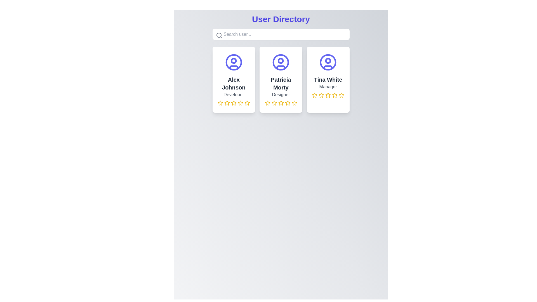  I want to click on the first yellow star icon in the five-star rating system below the name 'Alex Johnson' to modify the rating, so click(220, 103).